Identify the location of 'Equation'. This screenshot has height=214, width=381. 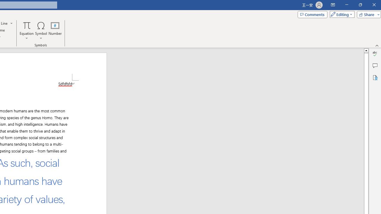
(26, 25).